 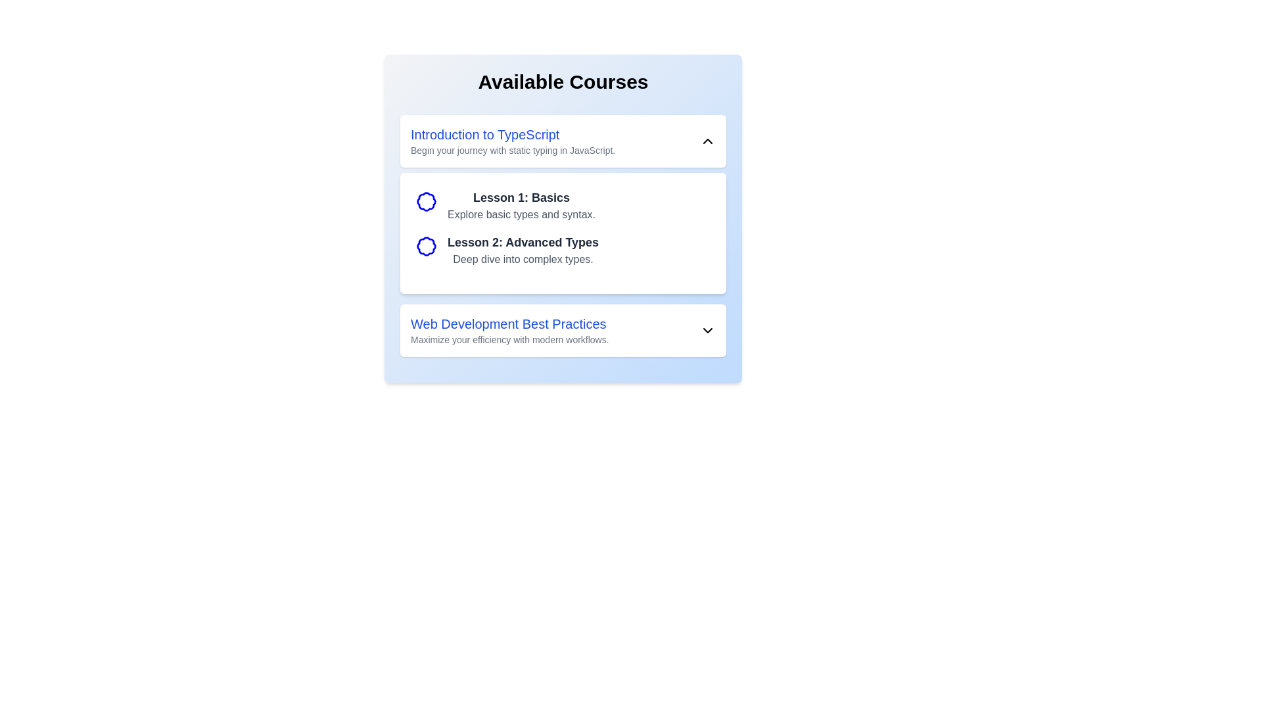 I want to click on the text block describing the course 'Web Development Best Practices' located below the 'Introduction to TypeScript' section in the 'Available Courses' list, so click(x=509, y=329).